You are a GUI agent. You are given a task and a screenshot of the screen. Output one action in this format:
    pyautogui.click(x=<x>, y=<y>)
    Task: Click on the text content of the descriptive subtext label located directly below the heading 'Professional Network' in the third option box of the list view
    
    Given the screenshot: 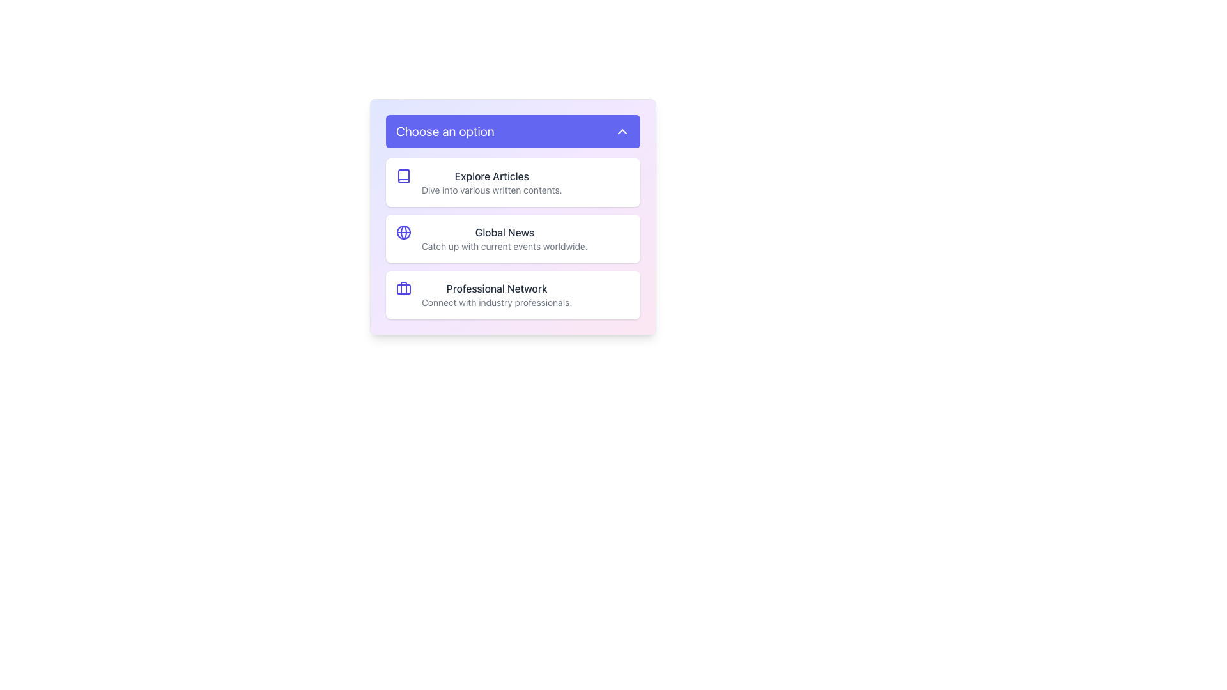 What is the action you would take?
    pyautogui.click(x=496, y=303)
    